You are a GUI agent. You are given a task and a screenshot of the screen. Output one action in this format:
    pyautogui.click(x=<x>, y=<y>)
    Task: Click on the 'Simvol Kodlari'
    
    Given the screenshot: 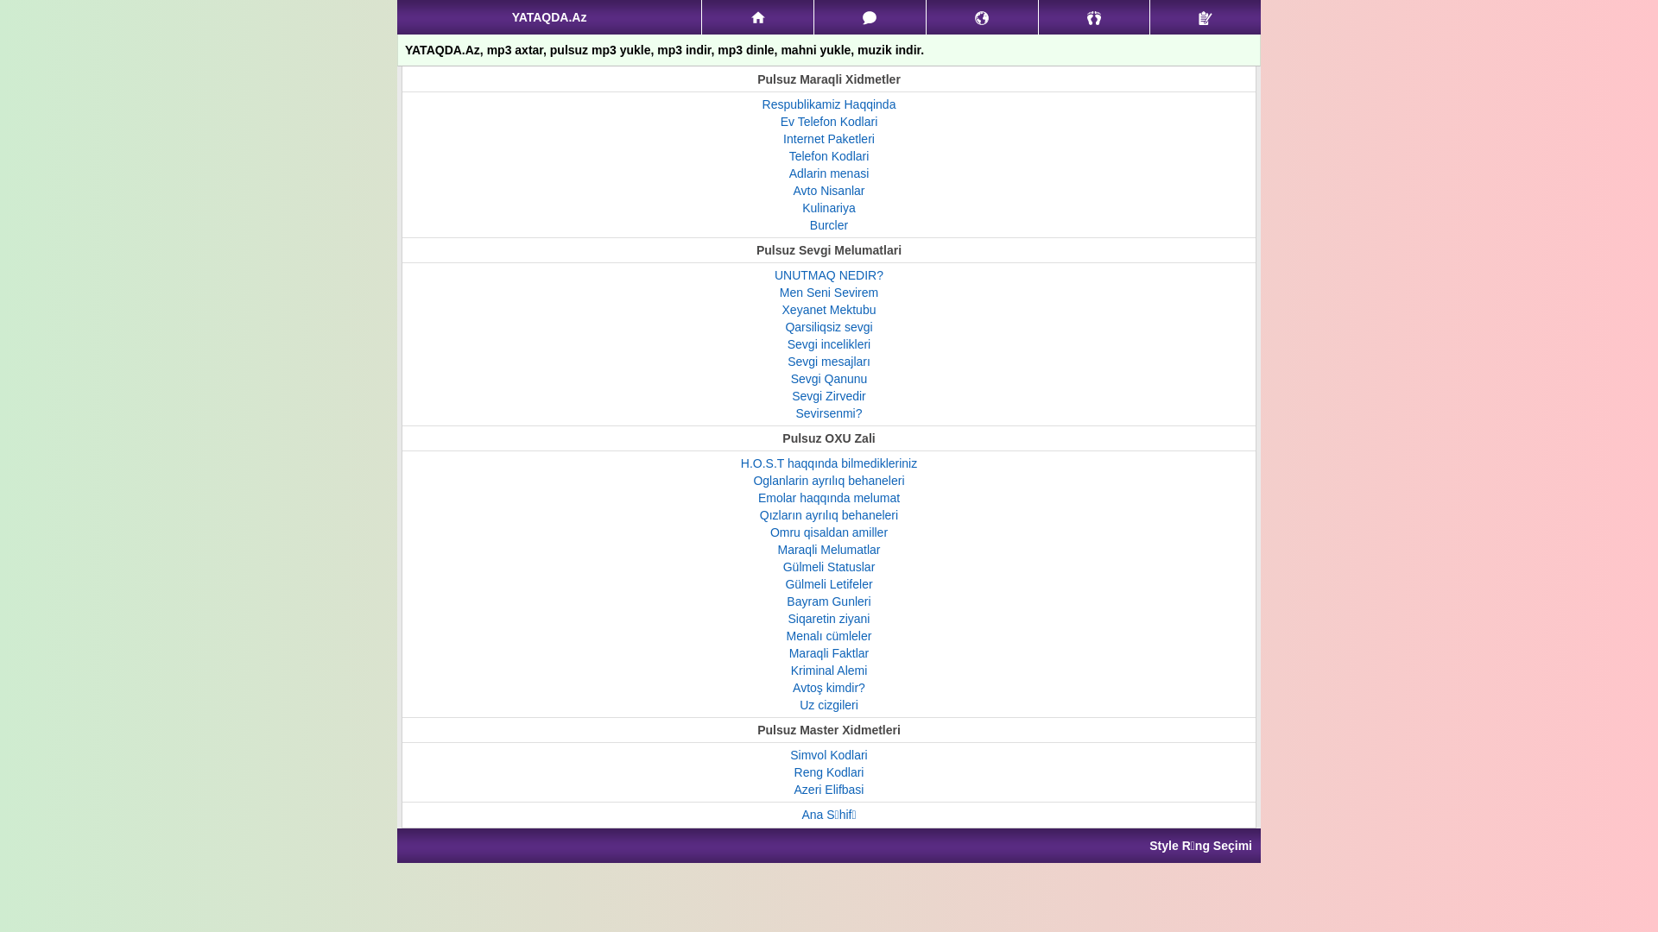 What is the action you would take?
    pyautogui.click(x=827, y=754)
    